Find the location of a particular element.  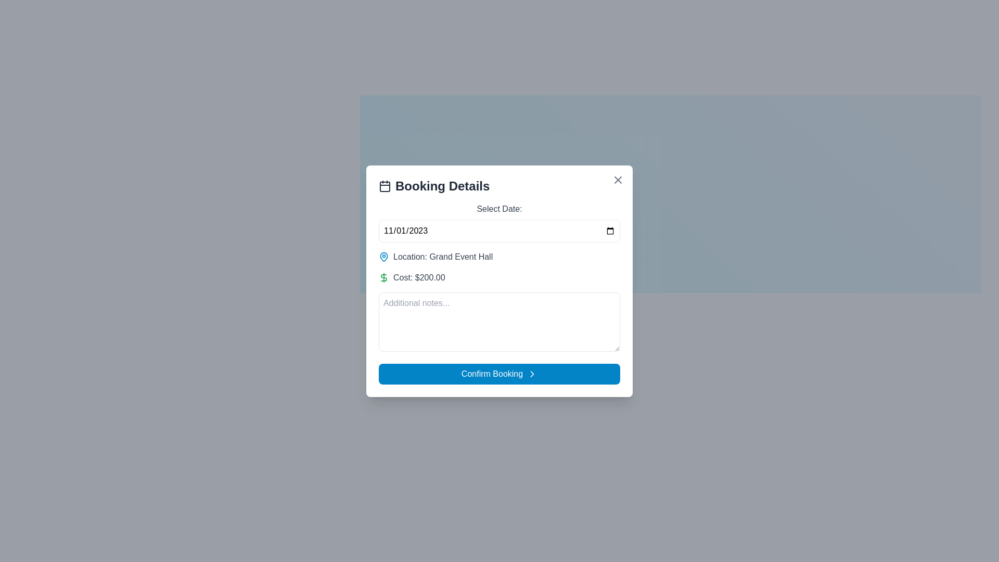

the confirm button located at the bottom of the 'Booking Details' modal is located at coordinates (499, 373).